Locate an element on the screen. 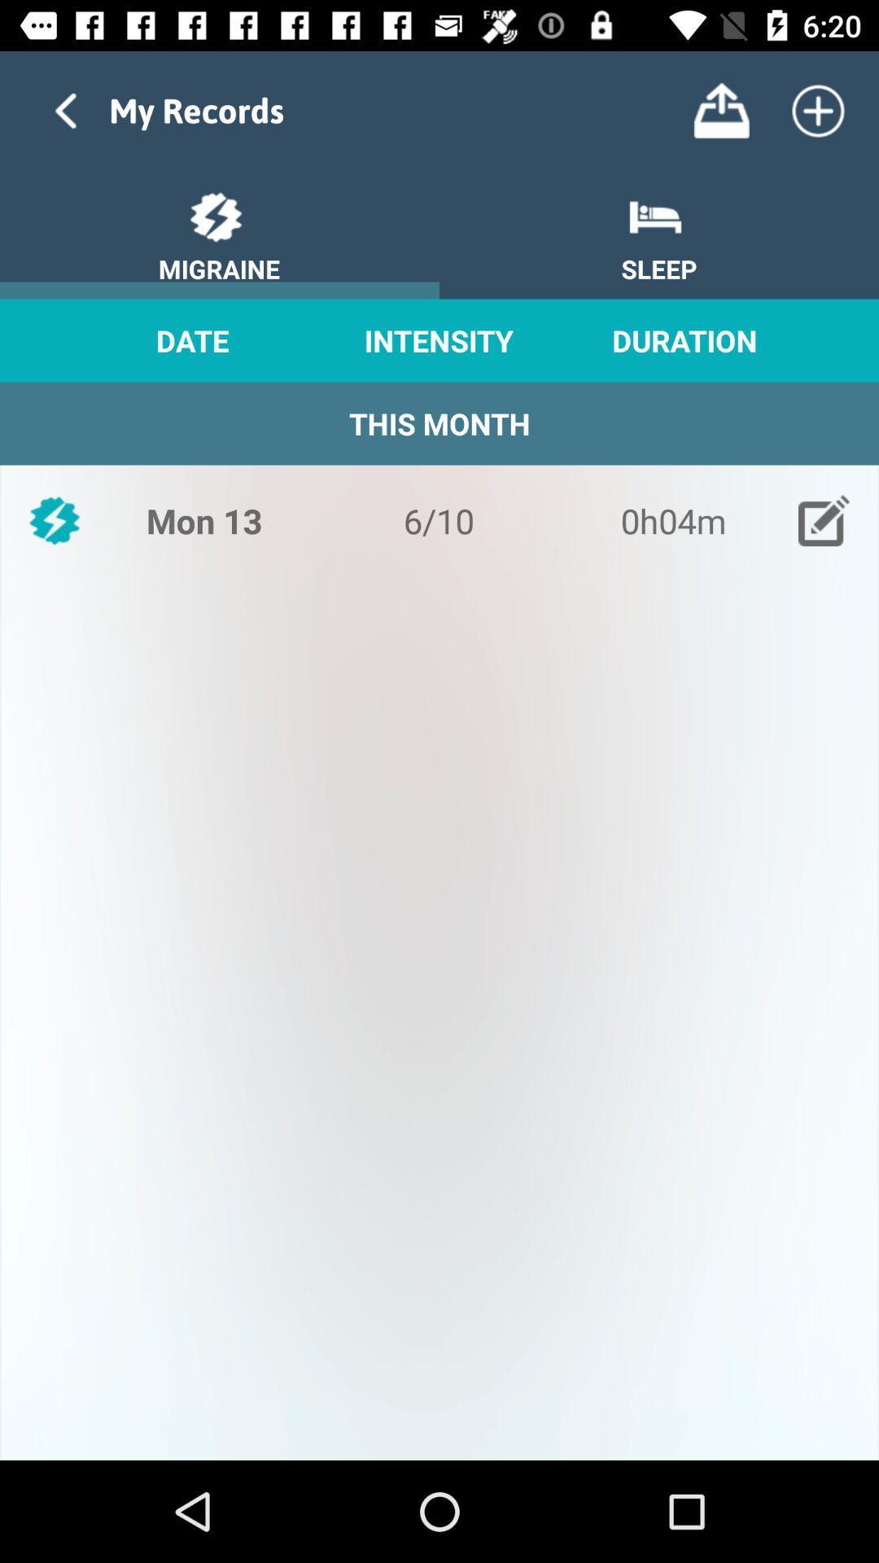 Image resolution: width=879 pixels, height=1563 pixels. the icon to the right of my records icon is located at coordinates (720, 110).